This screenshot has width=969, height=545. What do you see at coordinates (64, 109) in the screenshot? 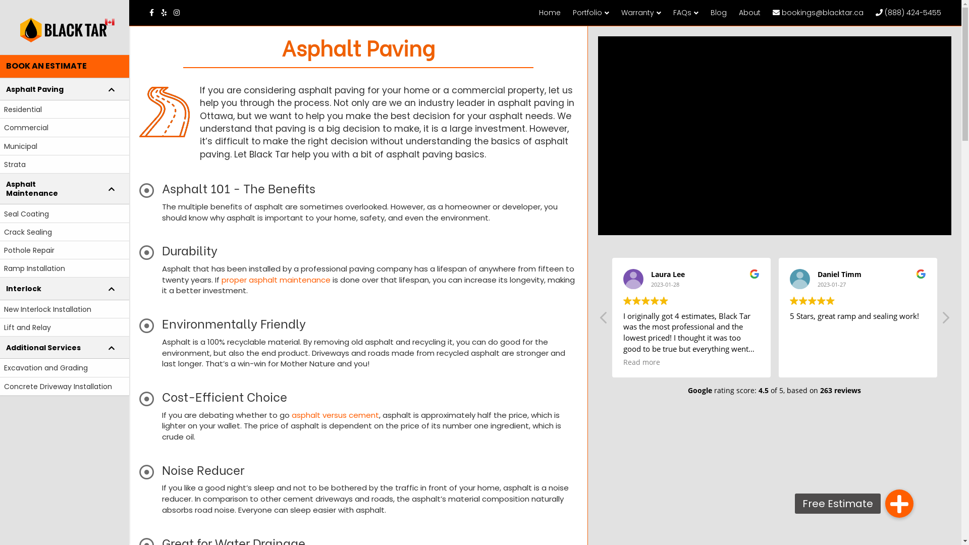
I see `'Residential'` at bounding box center [64, 109].